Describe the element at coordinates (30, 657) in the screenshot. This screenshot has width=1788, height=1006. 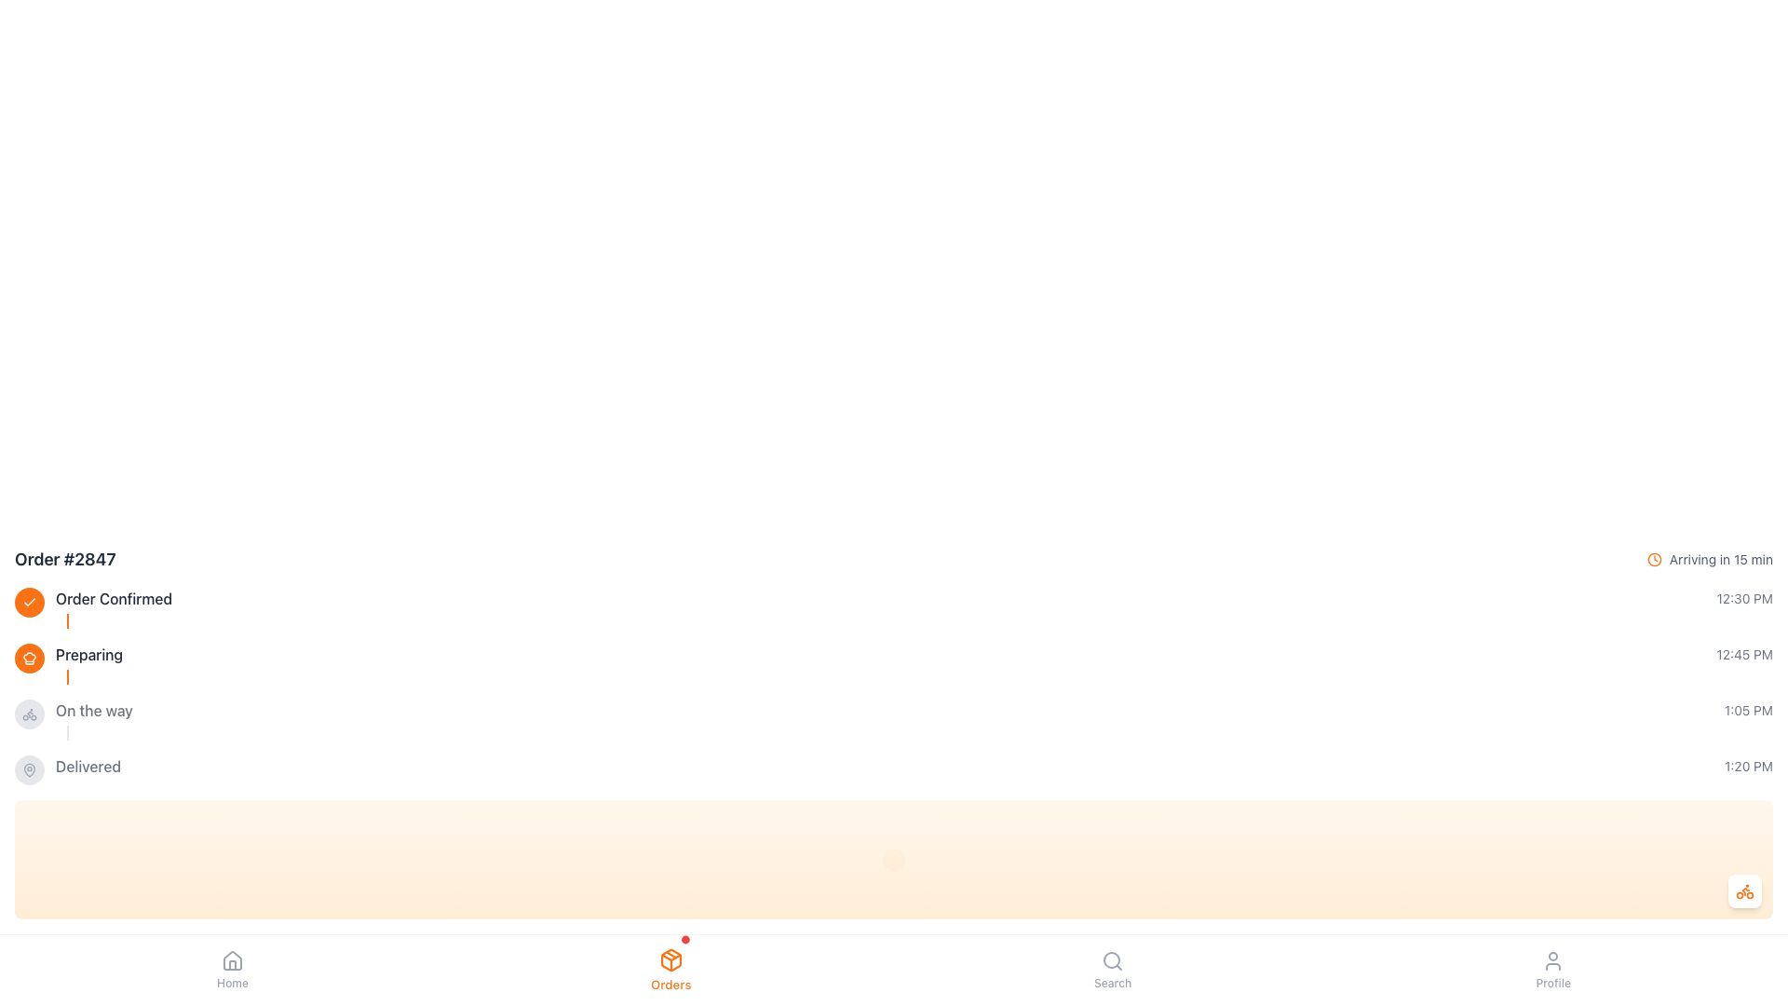
I see `the decorative vector graphic of the chef hat icon, which is the fourth clickable option in the bottom navigation bar` at that location.